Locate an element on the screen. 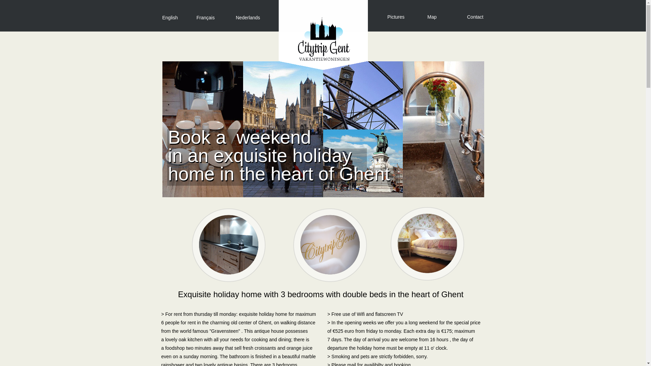 The image size is (651, 366). 'Nederlands' is located at coordinates (248, 17).